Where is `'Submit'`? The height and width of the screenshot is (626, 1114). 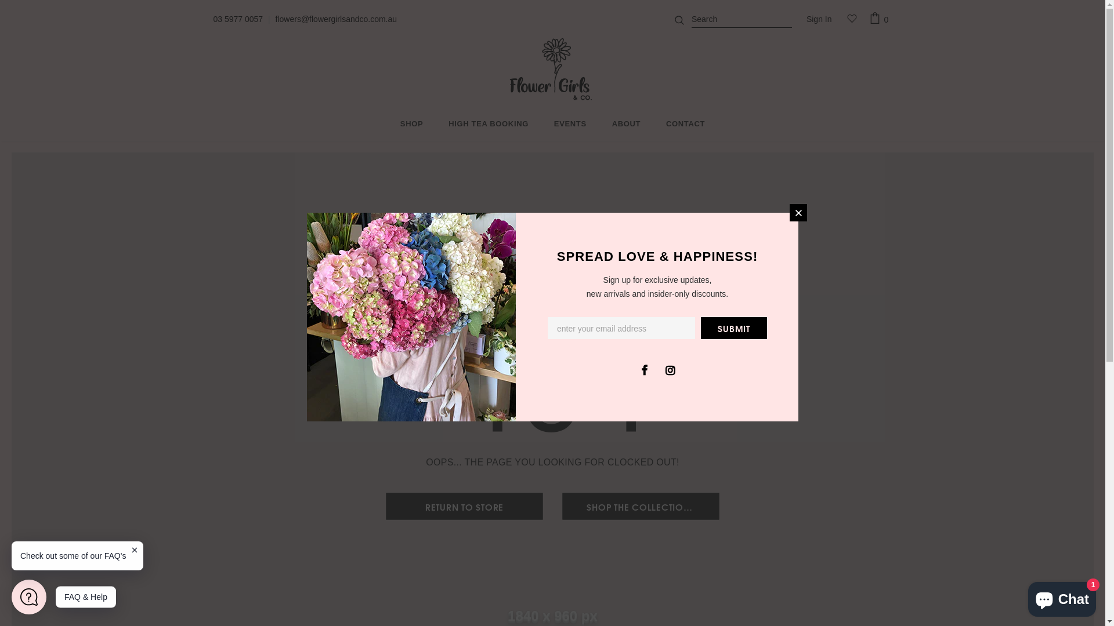 'Submit' is located at coordinates (733, 327).